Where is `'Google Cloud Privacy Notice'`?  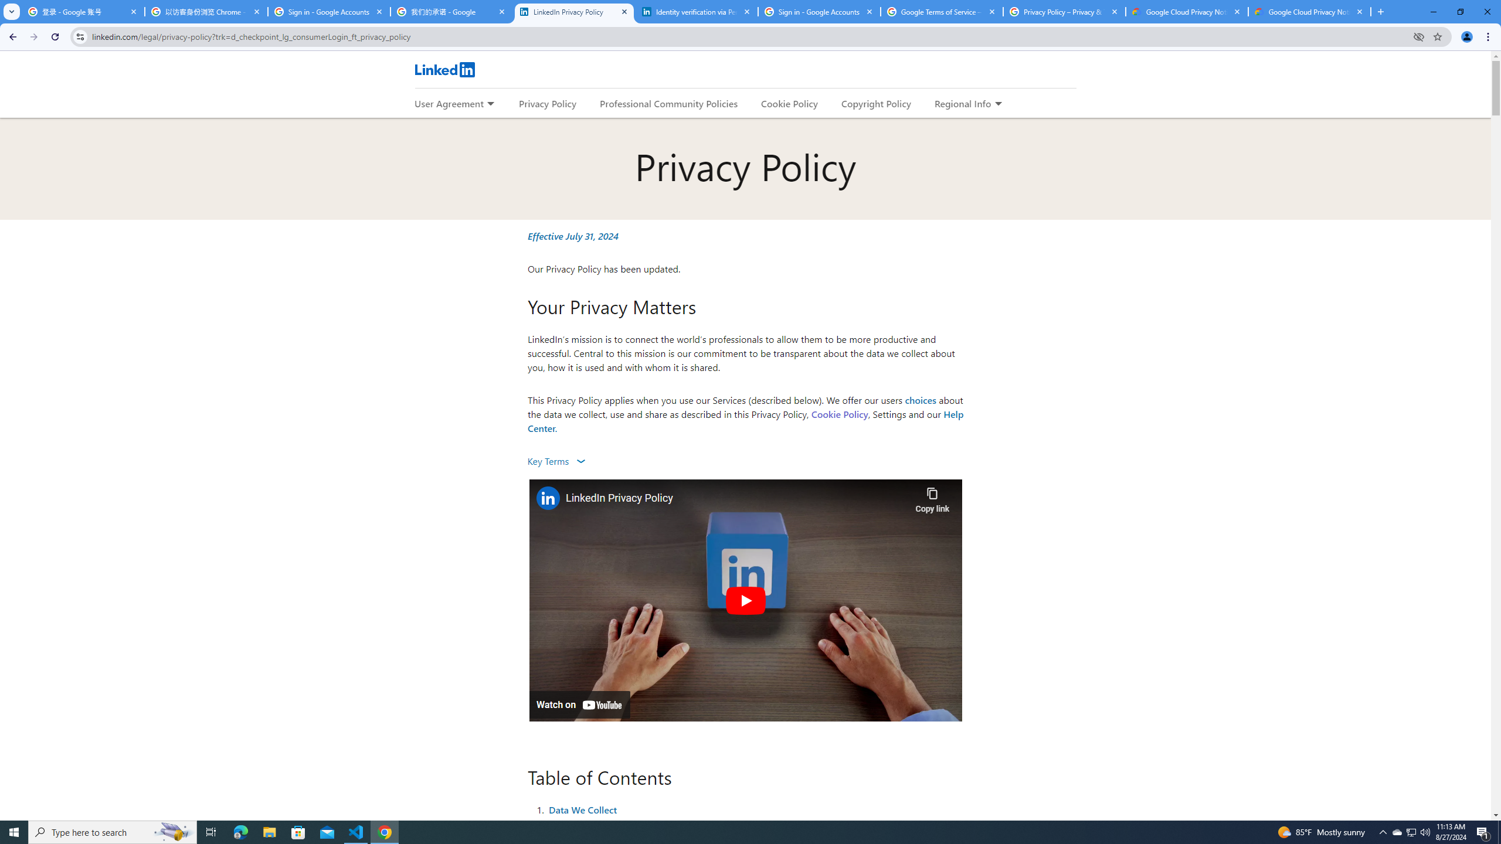
'Google Cloud Privacy Notice' is located at coordinates (1309, 11).